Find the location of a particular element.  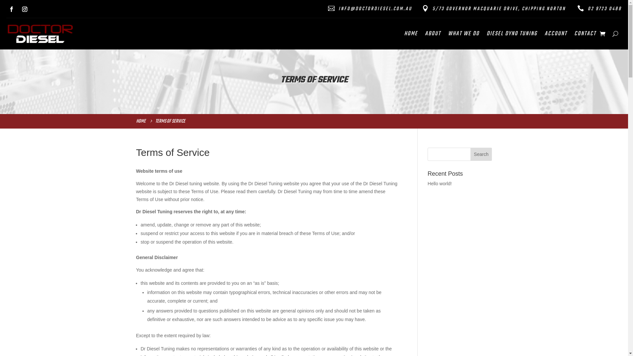

'Search' is located at coordinates (481, 154).